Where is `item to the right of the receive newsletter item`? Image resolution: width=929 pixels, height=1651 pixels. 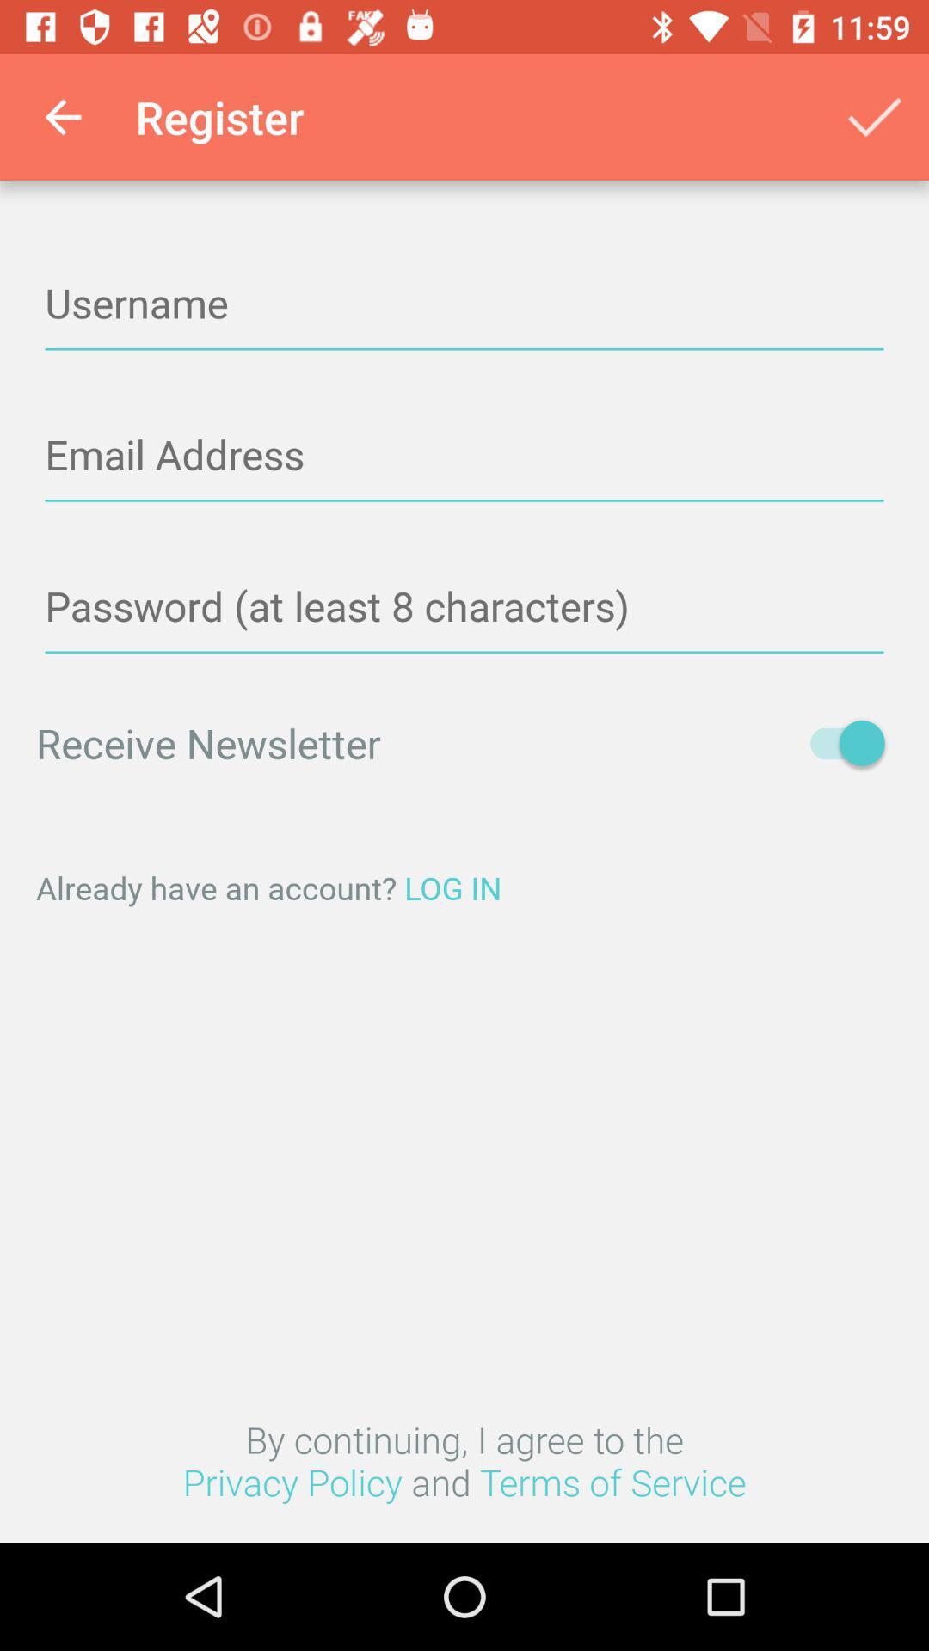
item to the right of the receive newsletter item is located at coordinates (838, 743).